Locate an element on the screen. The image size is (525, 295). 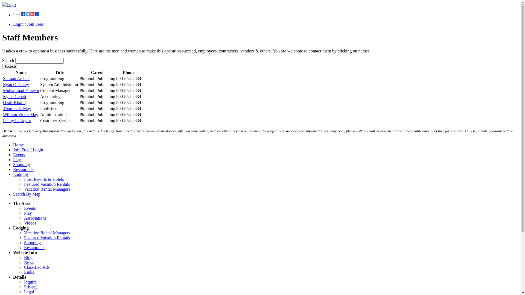
'Shopping' is located at coordinates (21, 164).